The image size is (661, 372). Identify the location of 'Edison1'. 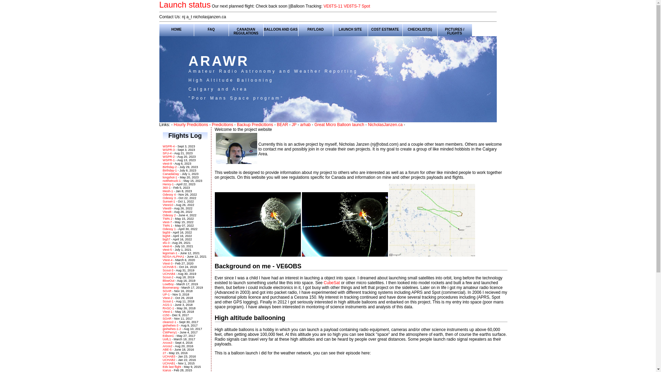
(168, 335).